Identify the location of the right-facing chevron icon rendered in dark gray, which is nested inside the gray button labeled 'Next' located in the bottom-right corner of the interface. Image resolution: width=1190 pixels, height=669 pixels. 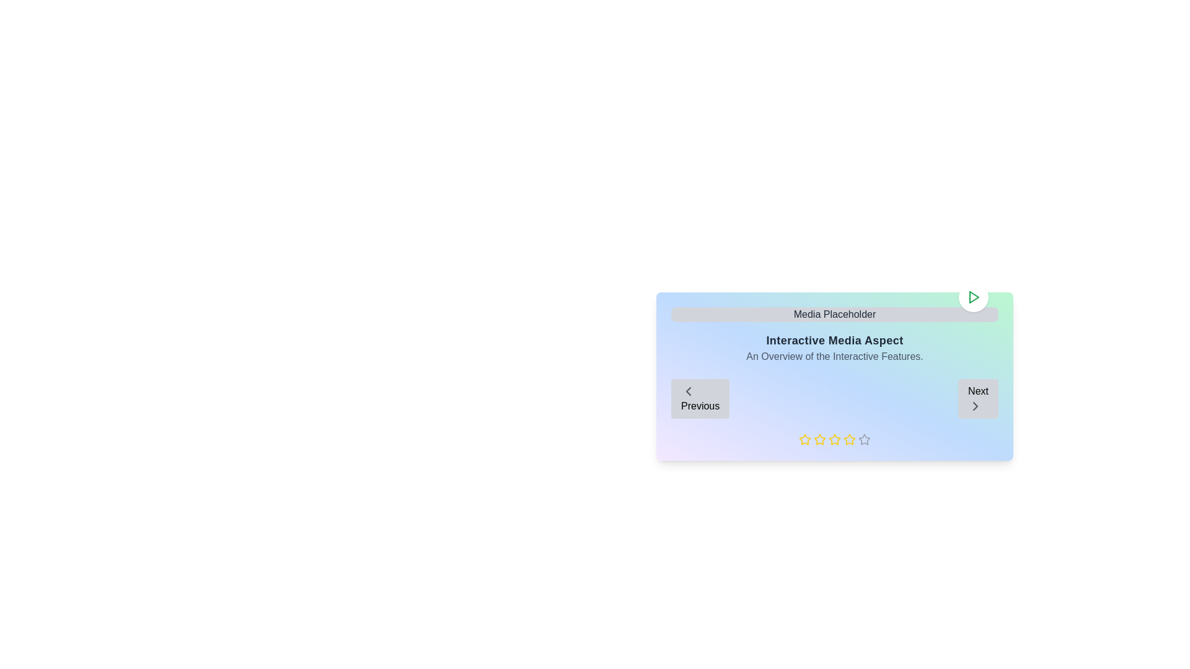
(975, 406).